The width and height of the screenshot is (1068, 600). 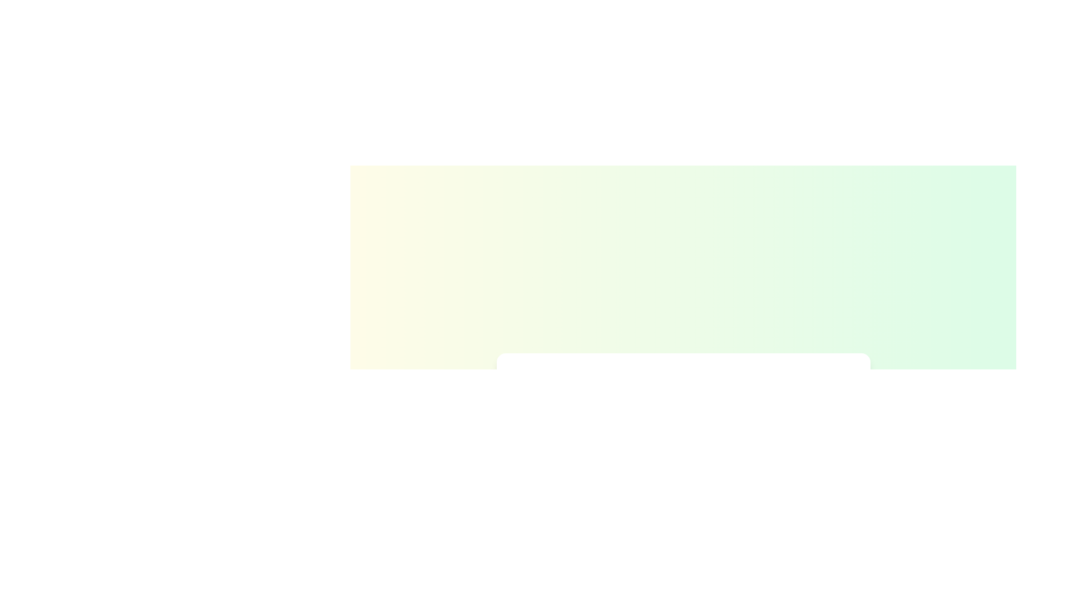 What do you see at coordinates (683, 468) in the screenshot?
I see `the circular slider thumb control located at the midpoint of the slider track` at bounding box center [683, 468].